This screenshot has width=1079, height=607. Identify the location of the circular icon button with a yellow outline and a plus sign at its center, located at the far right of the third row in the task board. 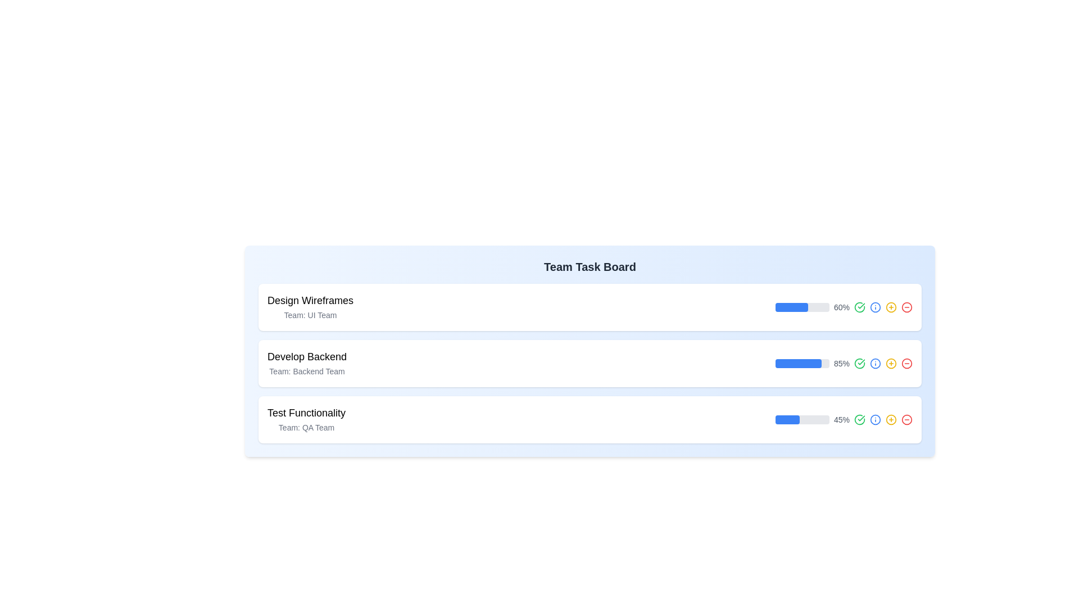
(890, 420).